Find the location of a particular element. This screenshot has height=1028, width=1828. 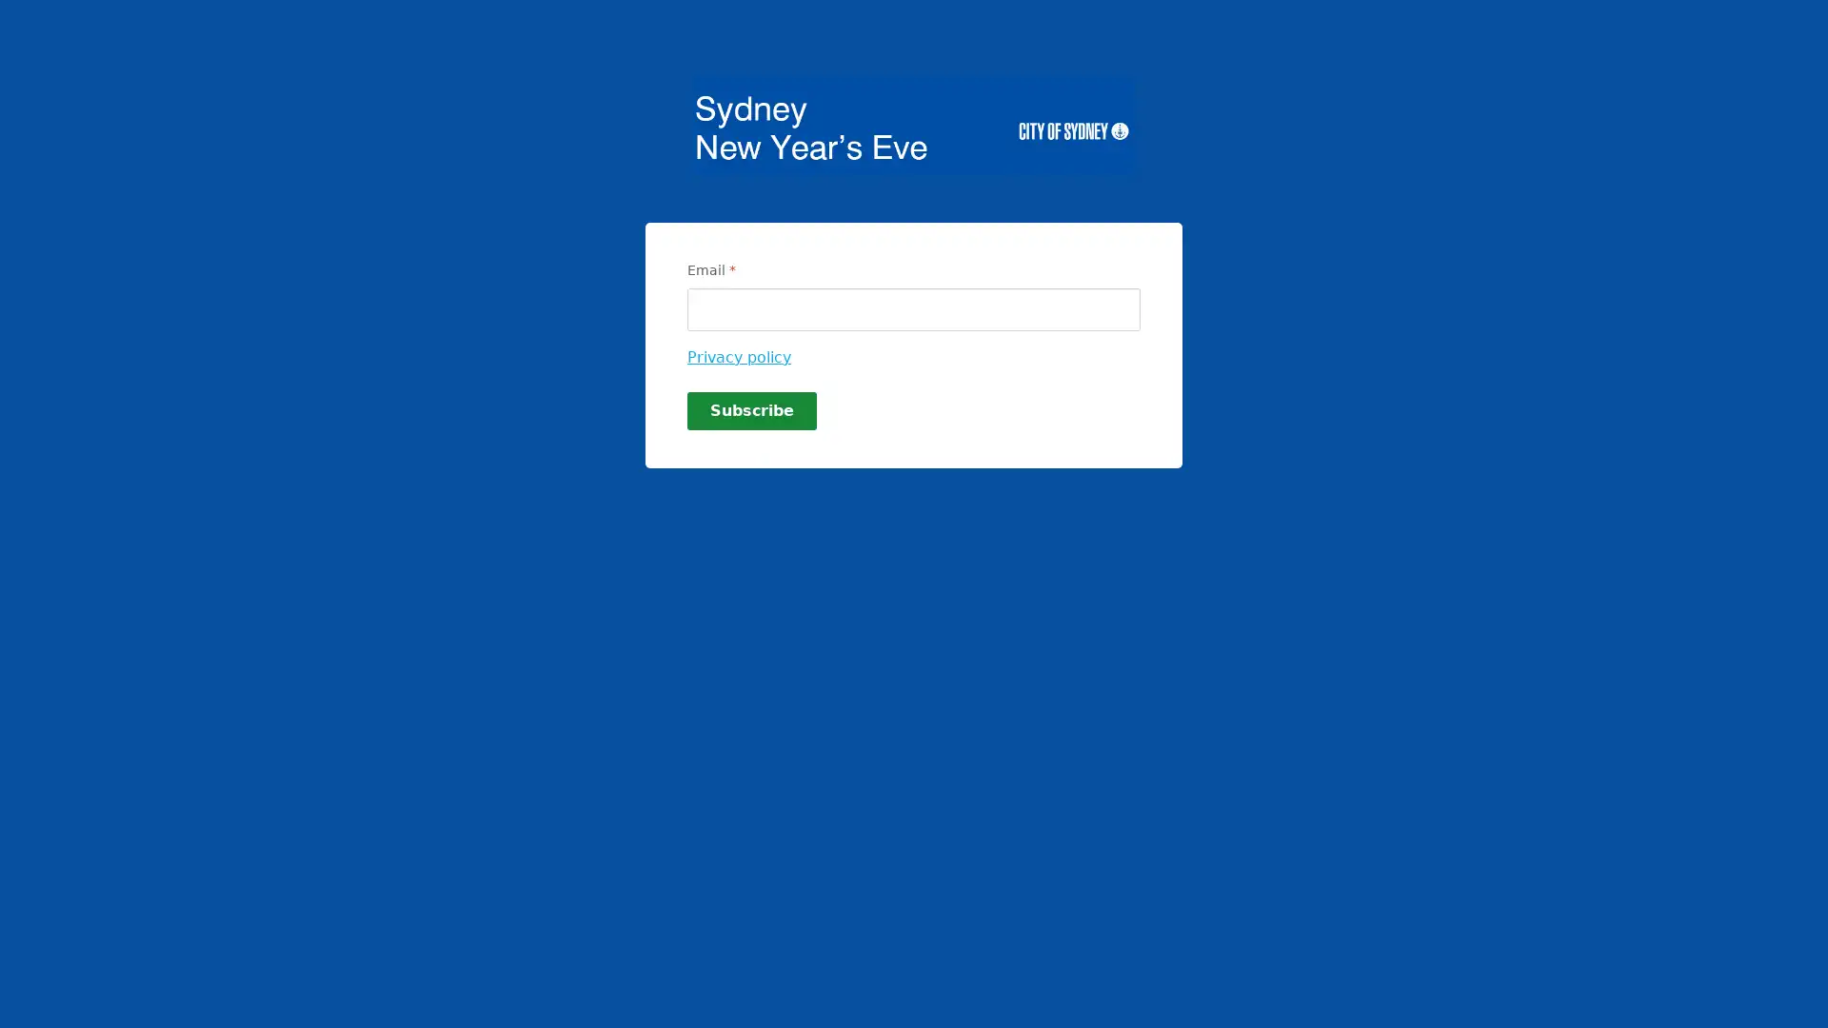

Subscribe is located at coordinates (751, 410).